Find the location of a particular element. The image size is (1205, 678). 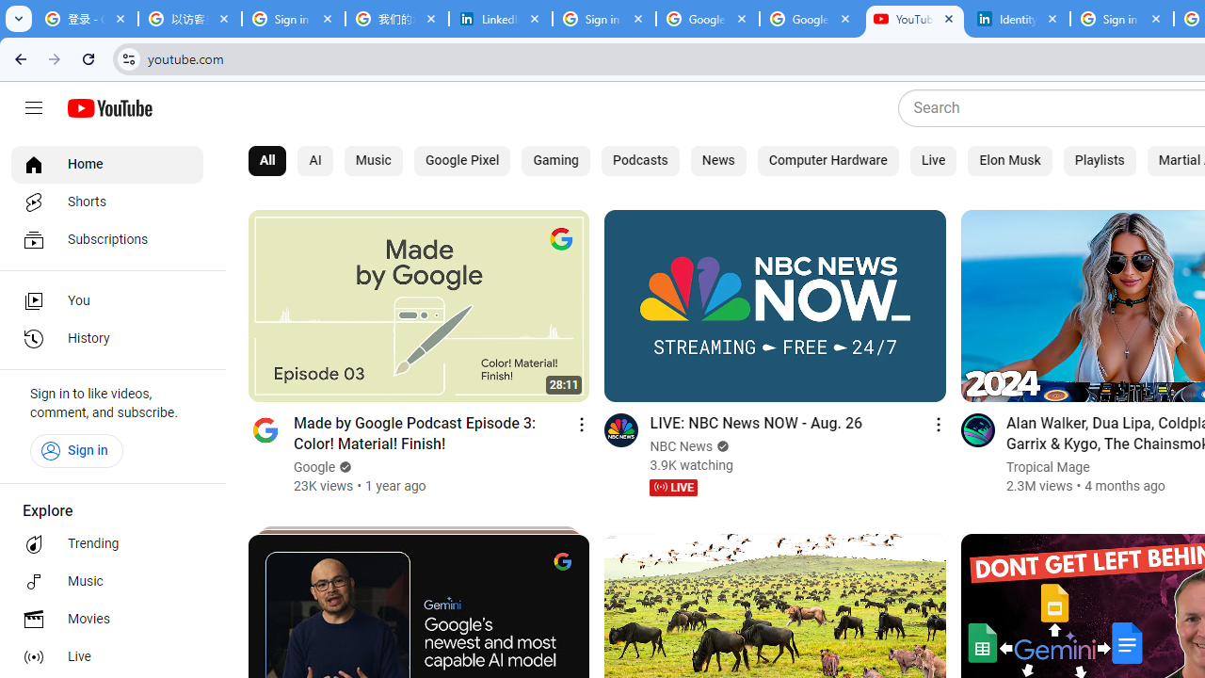

'NBC News' is located at coordinates (681, 446).